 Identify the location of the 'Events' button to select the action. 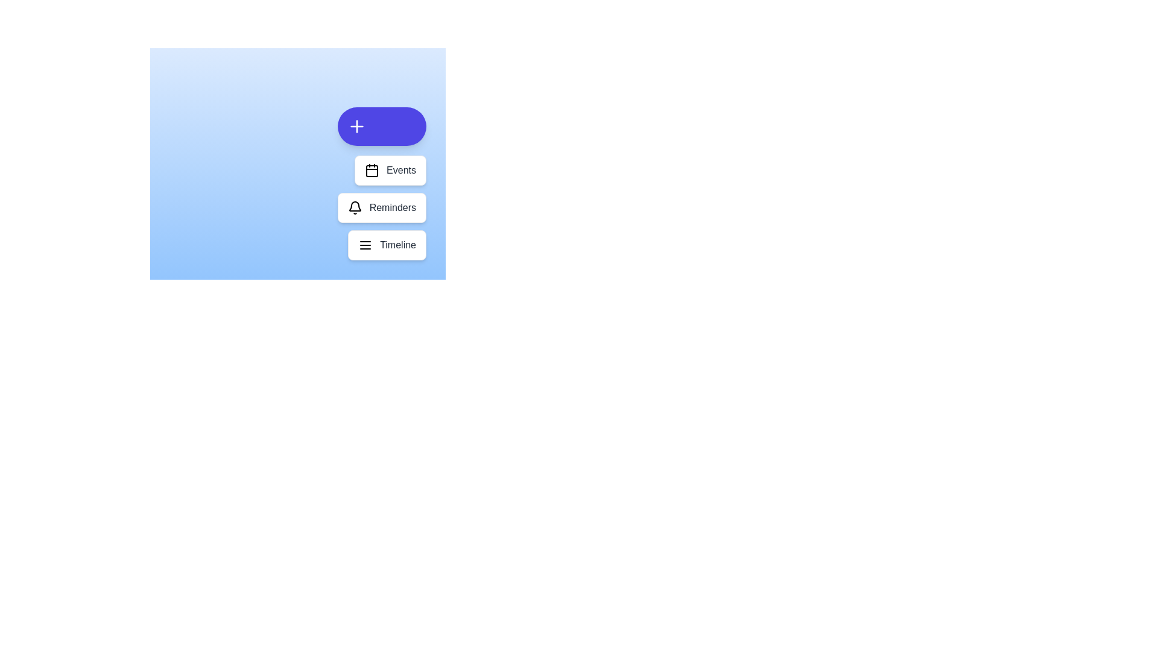
(390, 170).